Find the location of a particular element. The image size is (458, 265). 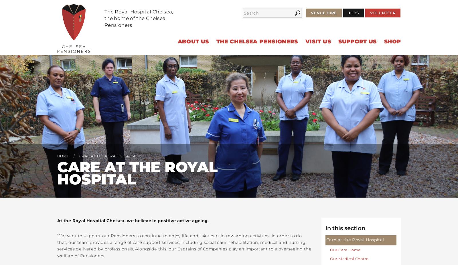

'About Us' is located at coordinates (193, 41).